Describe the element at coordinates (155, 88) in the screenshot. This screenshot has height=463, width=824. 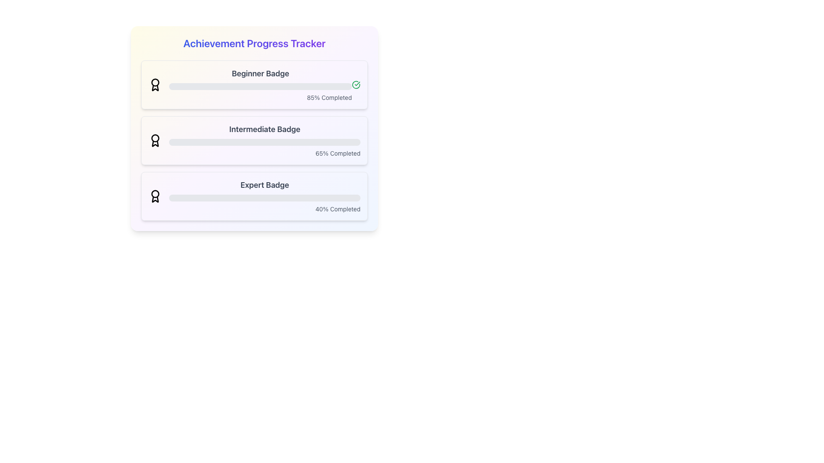
I see `the Decorative Icon, which is a small ribbon-shaped element outlined in black, located within the larger badge icon at the left end of the 'Beginner Badge' progress bar` at that location.